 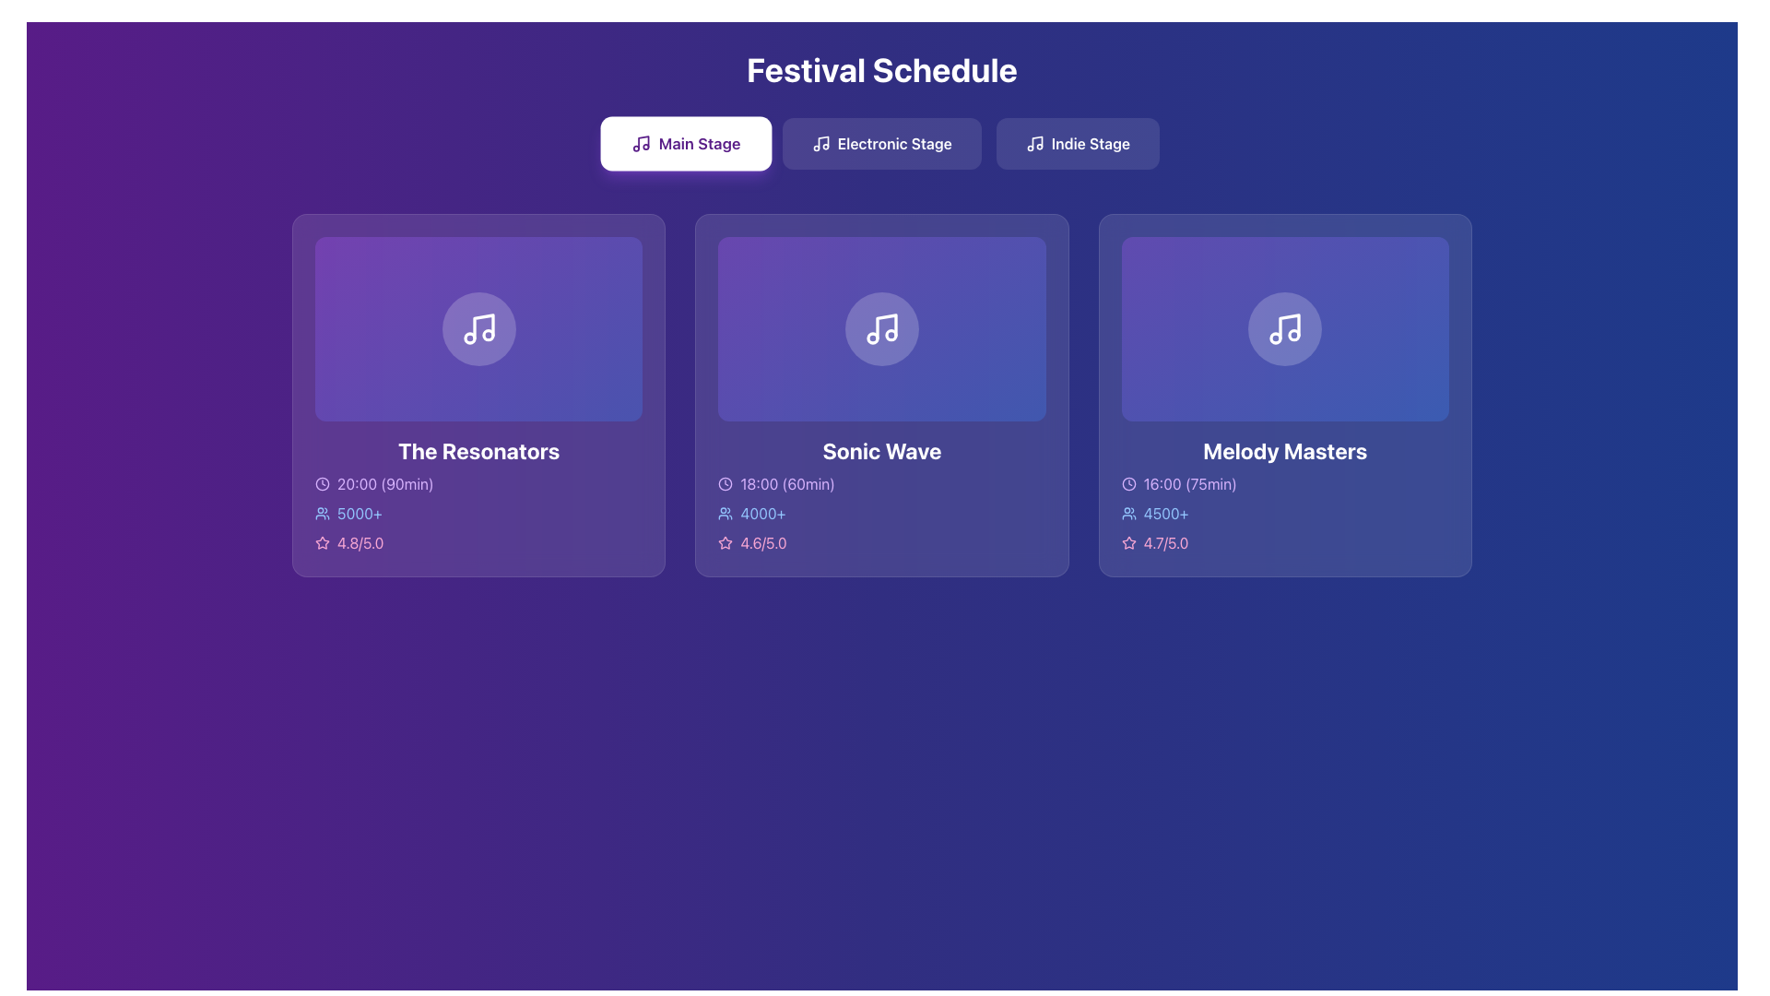 What do you see at coordinates (1165, 541) in the screenshot?
I see `rating value displayed as '4.7/5.0' in pink color within the 'Melody Masters' card, located near the bottom-right corner, above the star icon` at bounding box center [1165, 541].